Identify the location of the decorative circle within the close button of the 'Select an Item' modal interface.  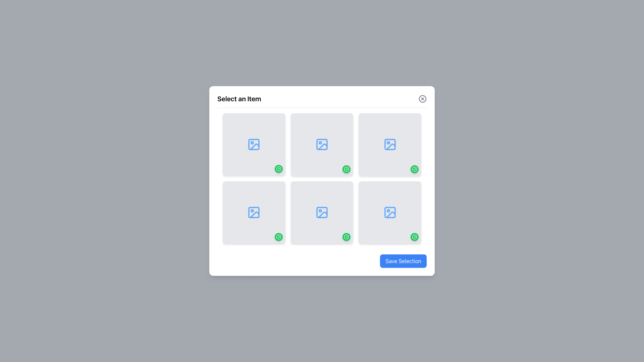
(422, 98).